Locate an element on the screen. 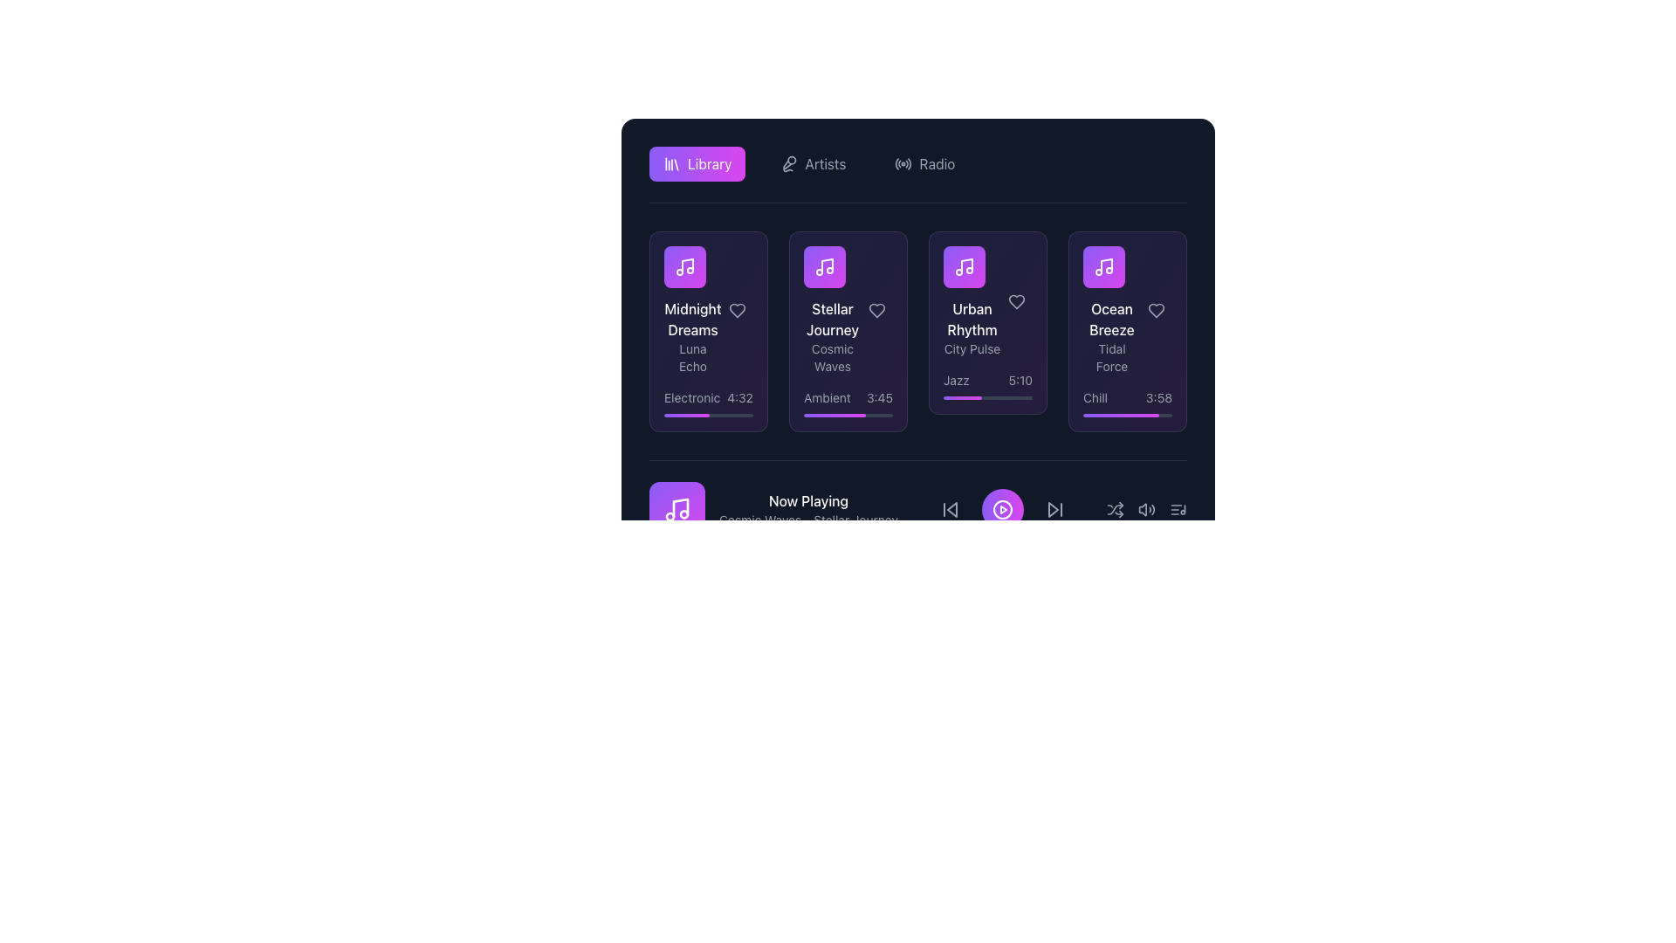 This screenshot has height=943, width=1676. the text label 'Urban Rhythm' which is vertically arranged with 'City Pulse' below it, located in the middle of a card below the purple musical icon and above the heart-shaped button is located at coordinates (988, 301).